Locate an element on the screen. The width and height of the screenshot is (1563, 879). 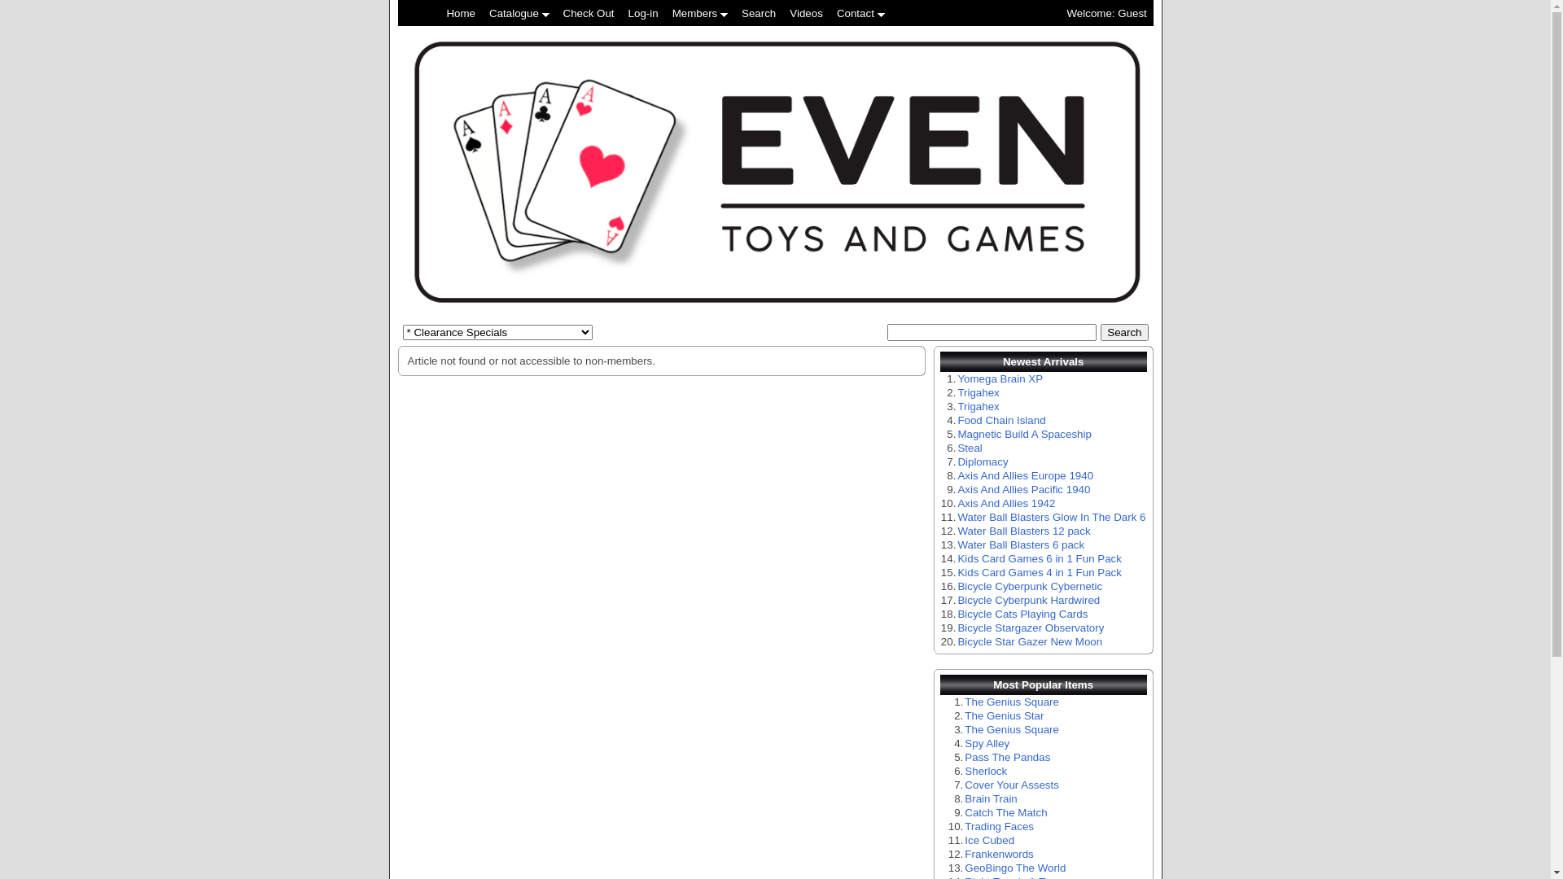
'Videos' is located at coordinates (806, 13).